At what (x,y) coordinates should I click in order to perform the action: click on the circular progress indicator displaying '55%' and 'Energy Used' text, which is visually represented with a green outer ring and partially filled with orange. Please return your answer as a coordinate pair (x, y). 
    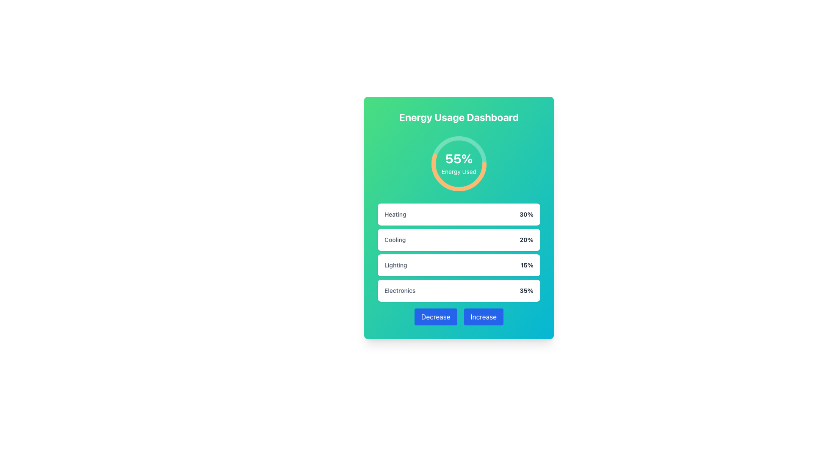
    Looking at the image, I should click on (459, 163).